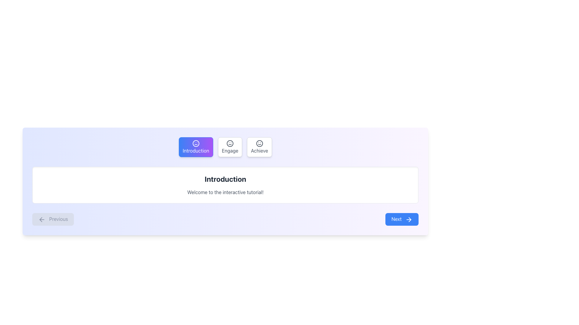  I want to click on the 'Next' button, so click(402, 219).